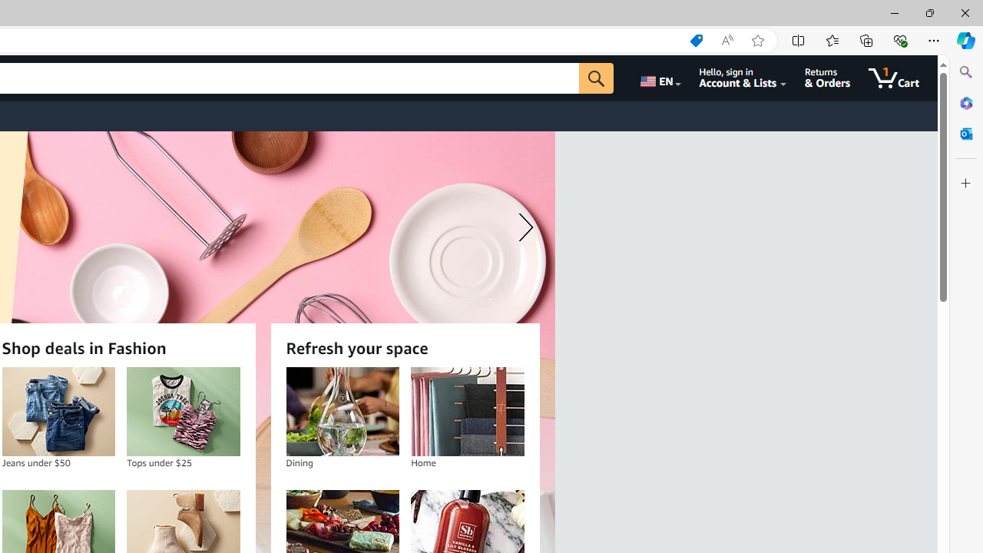 Image resolution: width=983 pixels, height=553 pixels. Describe the element at coordinates (743, 78) in the screenshot. I see `'Hello, sign in Account & Lists'` at that location.